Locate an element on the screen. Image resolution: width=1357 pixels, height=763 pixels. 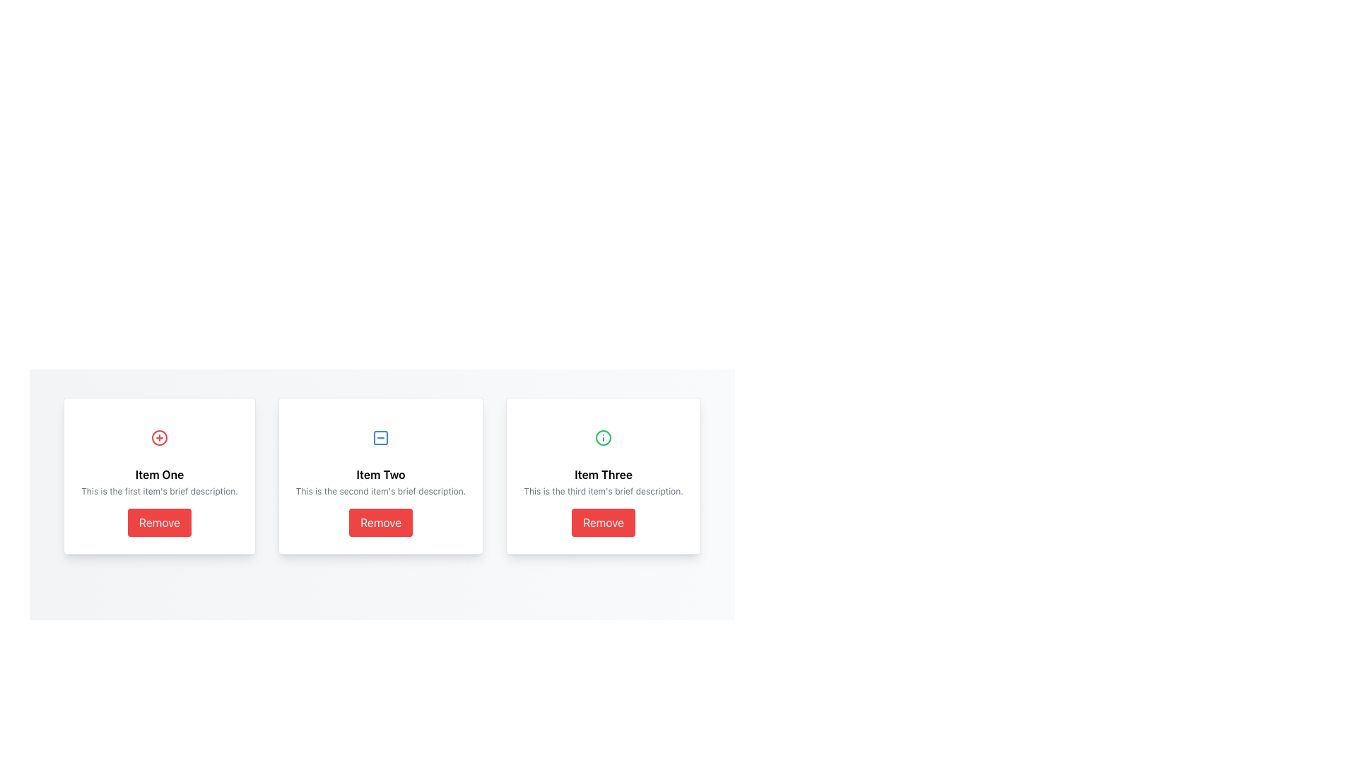
the 'remove' icon located in the top section of the 'Item Two' card is located at coordinates (381, 437).